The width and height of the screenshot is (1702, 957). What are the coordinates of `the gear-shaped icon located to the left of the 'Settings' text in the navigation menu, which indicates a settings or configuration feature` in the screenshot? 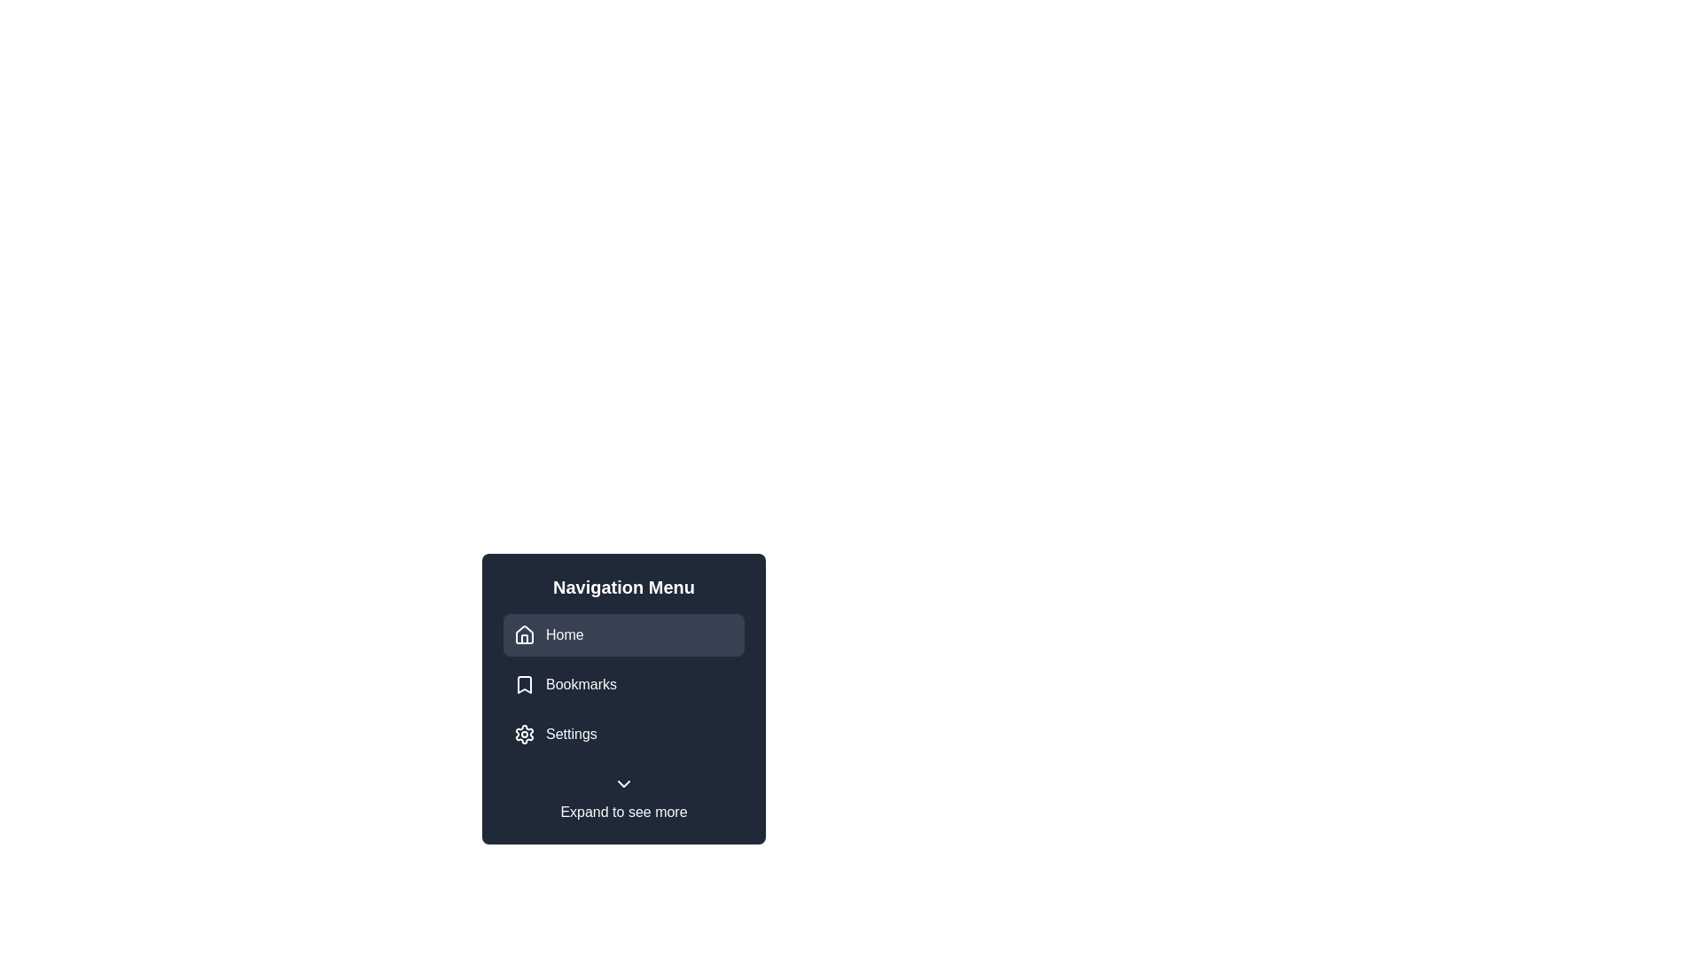 It's located at (523, 735).